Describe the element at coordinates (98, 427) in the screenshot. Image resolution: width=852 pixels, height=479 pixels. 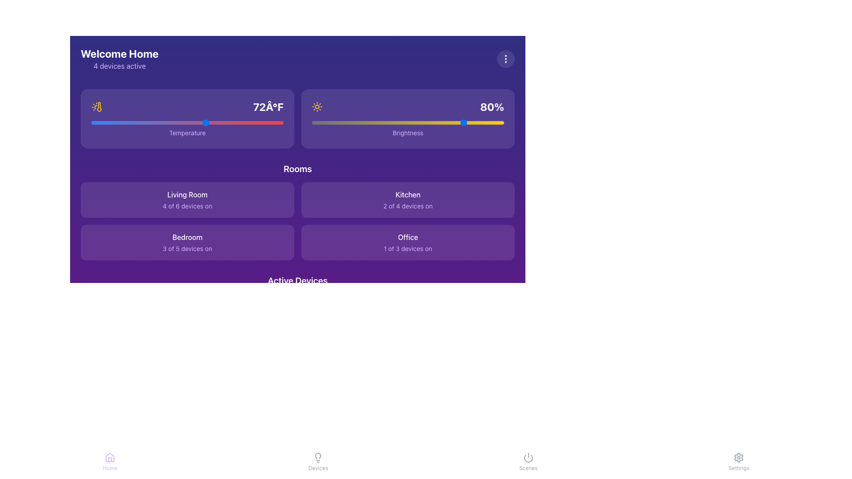
I see `the lock icon located at the bottom-left corner of the interface, which indicates a secure state and may toggle a security feature` at that location.